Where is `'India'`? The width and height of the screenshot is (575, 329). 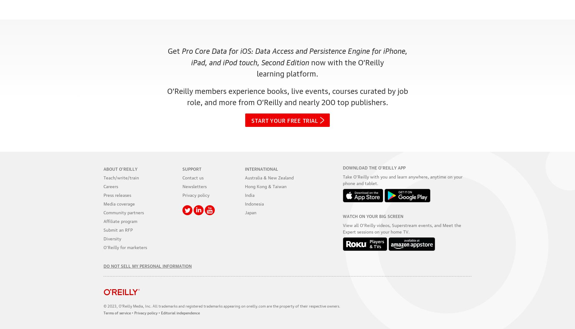 'India' is located at coordinates (250, 194).